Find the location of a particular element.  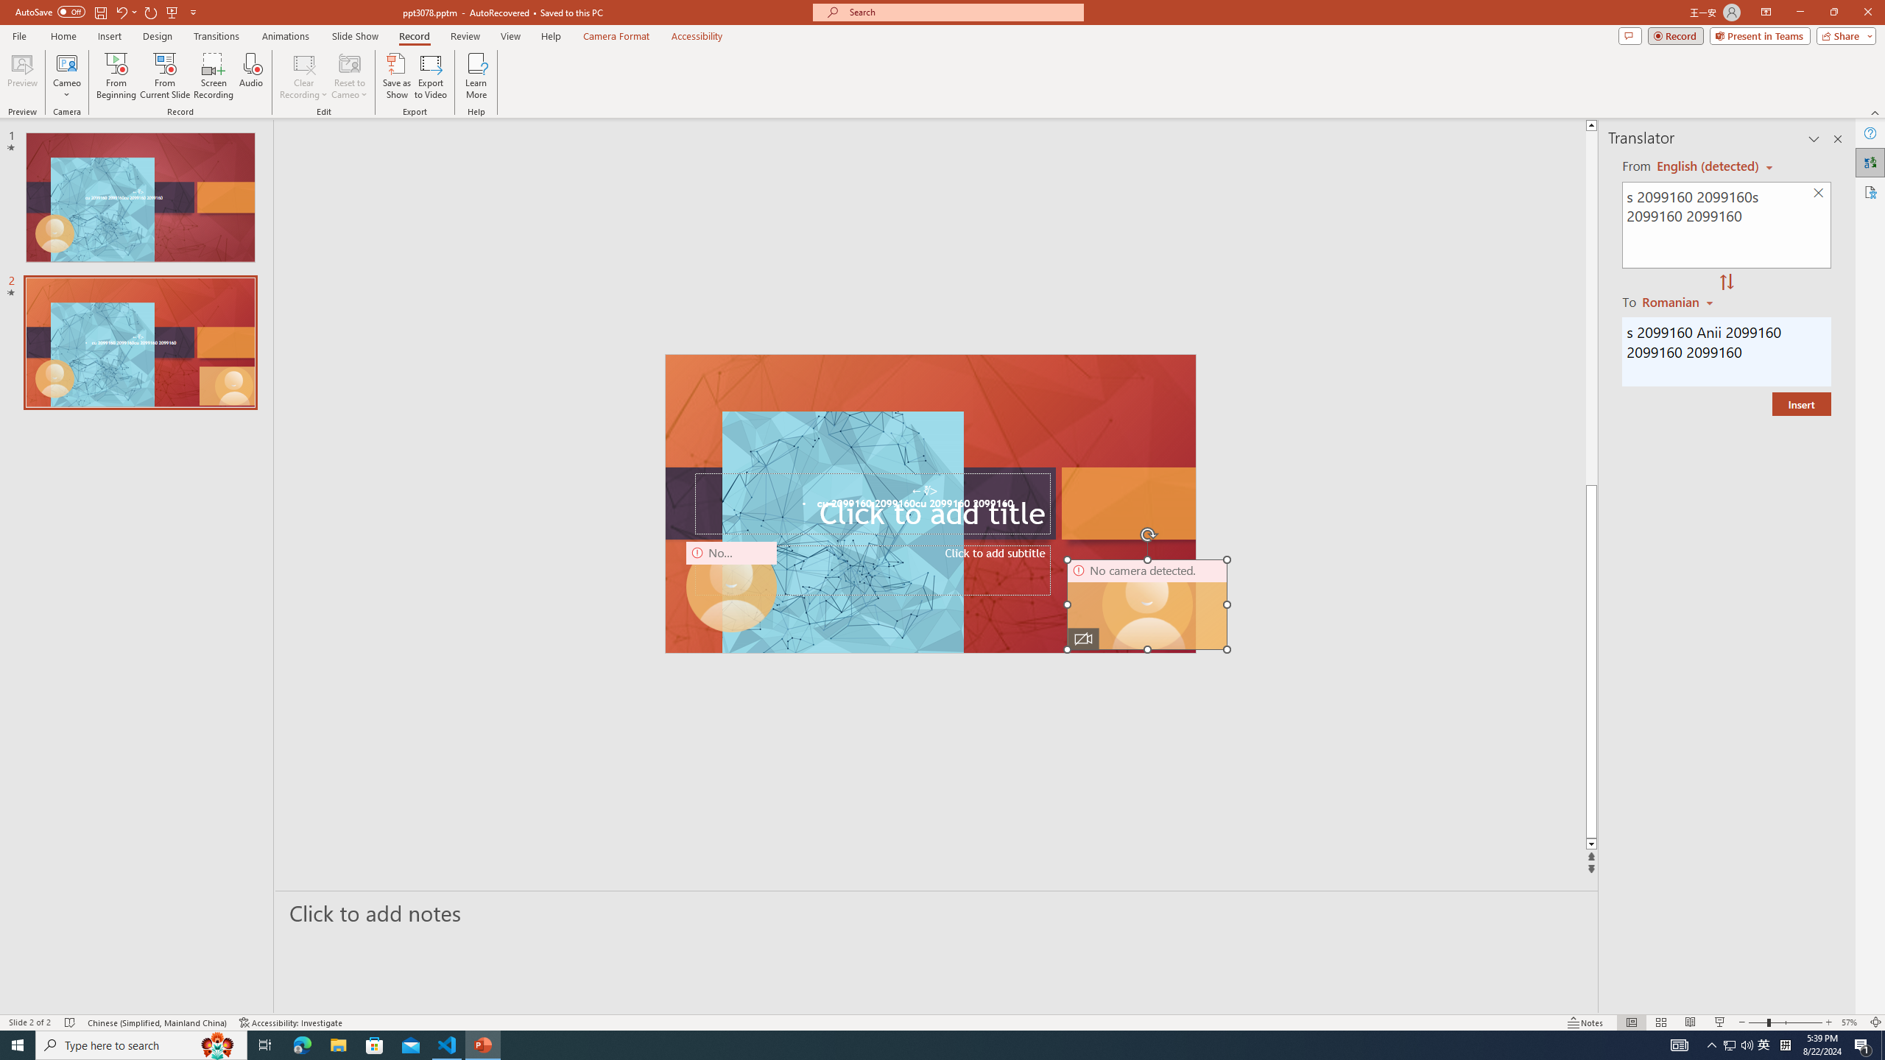

'Spell Check No Errors' is located at coordinates (70, 1022).